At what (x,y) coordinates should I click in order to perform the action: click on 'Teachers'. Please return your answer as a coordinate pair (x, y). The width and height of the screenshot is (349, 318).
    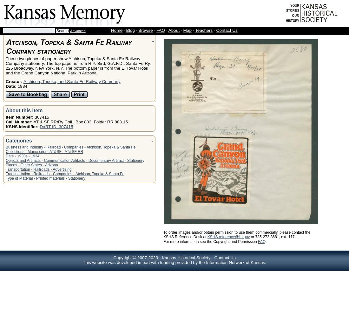
    Looking at the image, I should click on (204, 30).